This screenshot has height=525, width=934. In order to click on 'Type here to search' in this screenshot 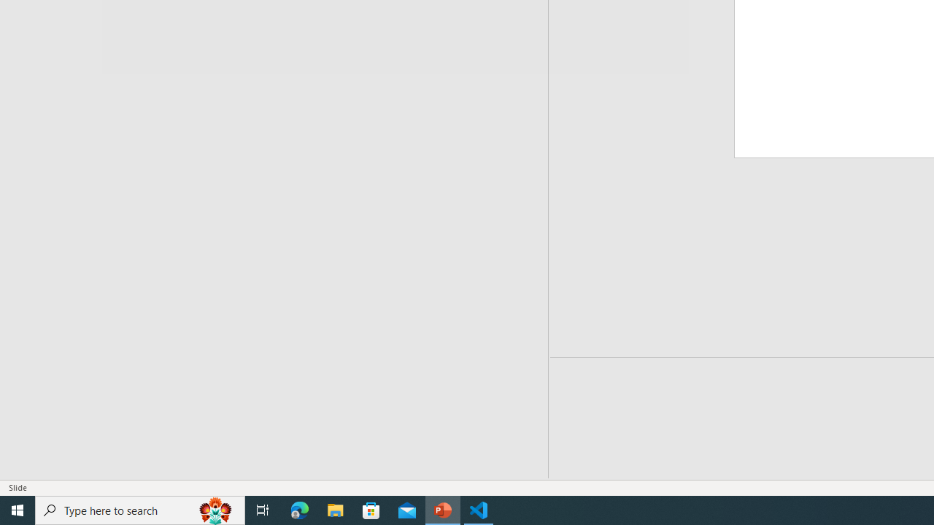, I will do `click(140, 509)`.